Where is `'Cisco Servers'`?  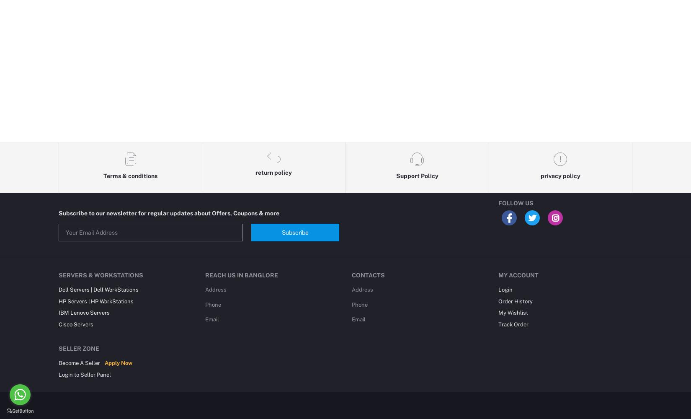
'Cisco Servers' is located at coordinates (76, 324).